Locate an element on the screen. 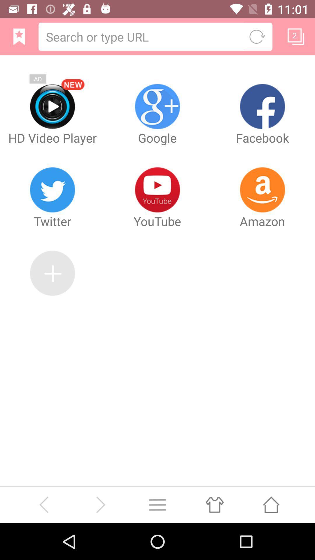  open tab display is located at coordinates (296, 36).